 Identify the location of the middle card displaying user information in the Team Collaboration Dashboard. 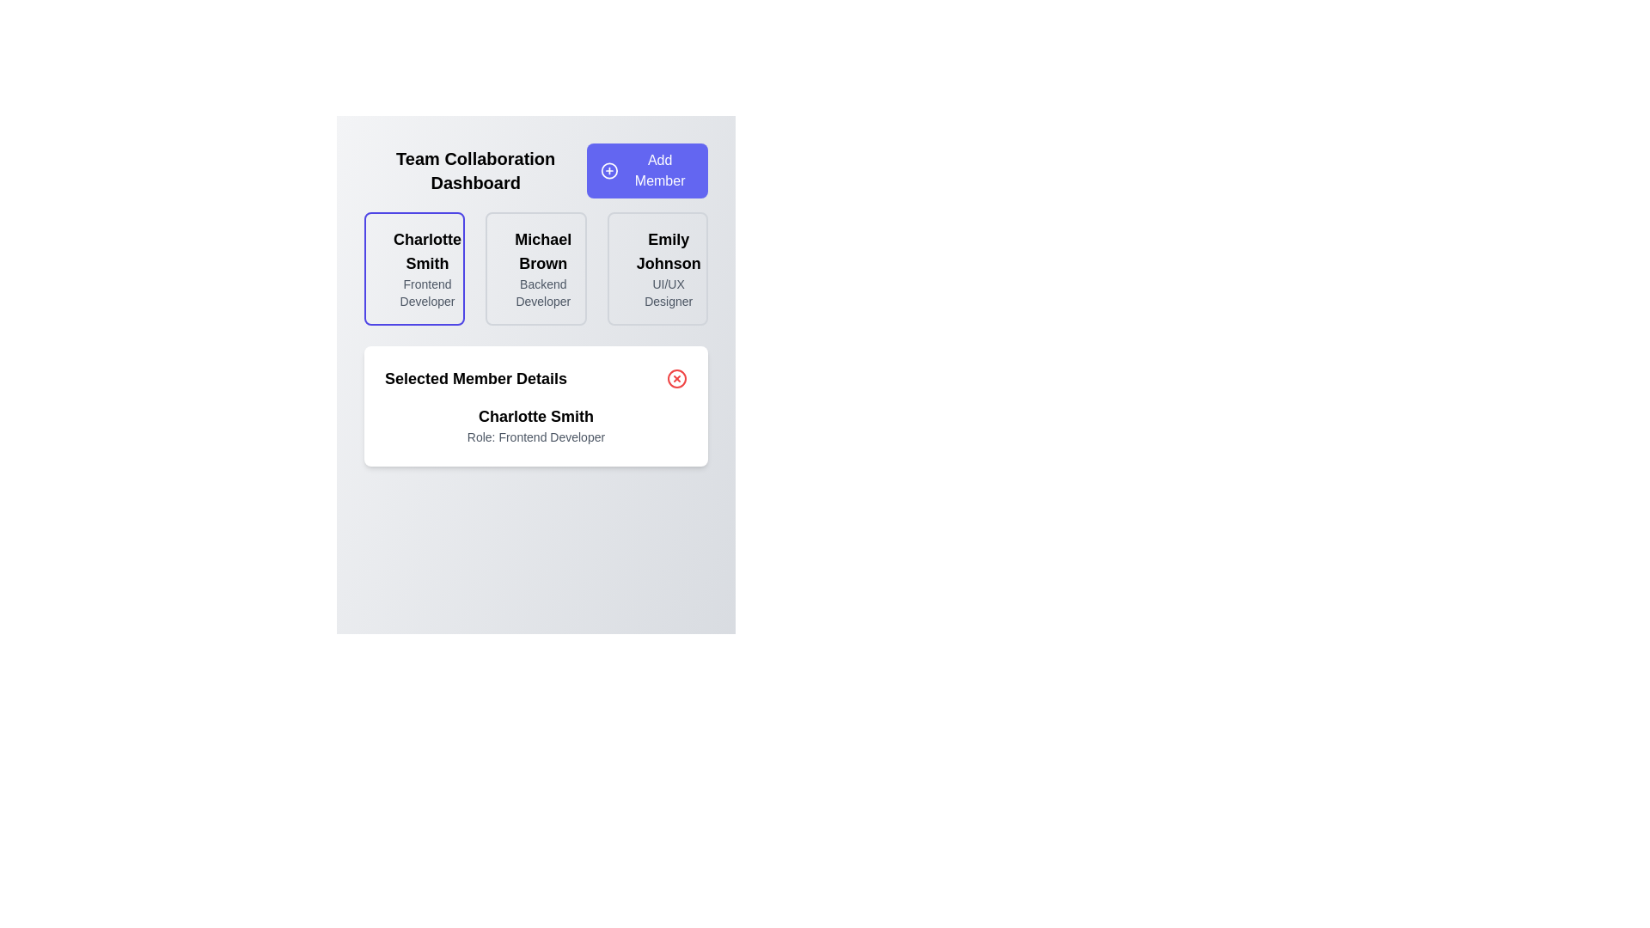
(535, 268).